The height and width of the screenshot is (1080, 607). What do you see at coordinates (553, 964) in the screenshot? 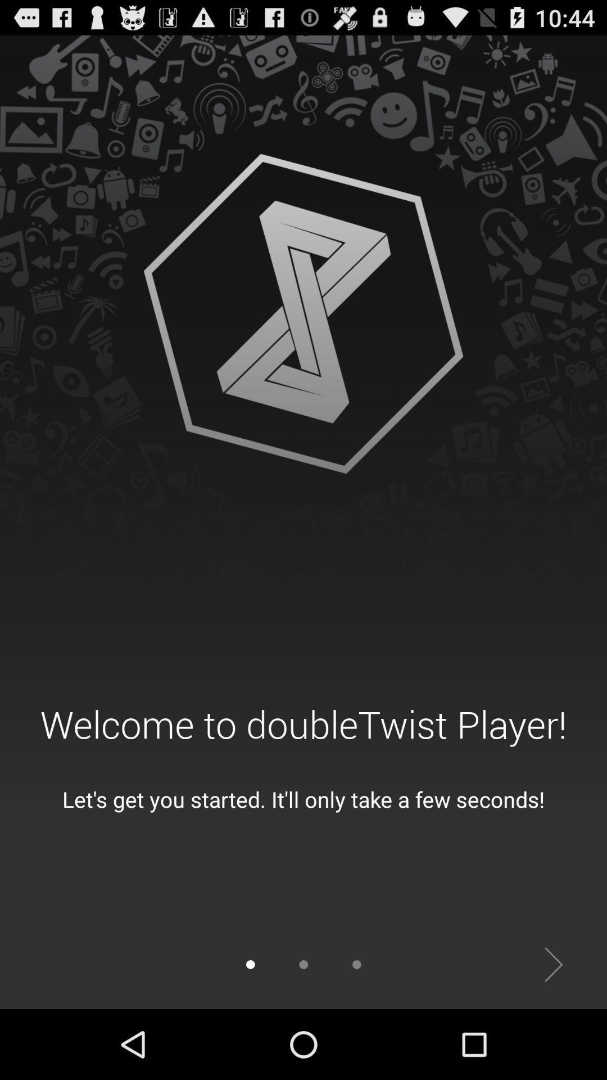
I see `got to next slider` at bounding box center [553, 964].